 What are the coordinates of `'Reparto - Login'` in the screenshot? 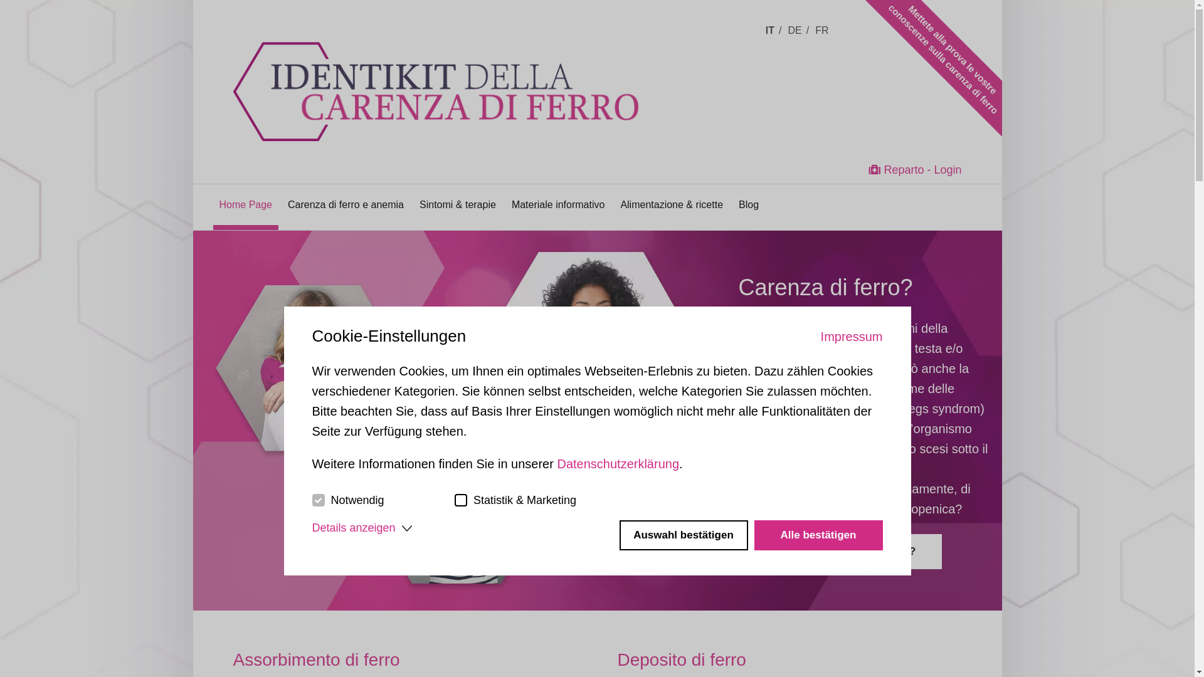 It's located at (915, 169).